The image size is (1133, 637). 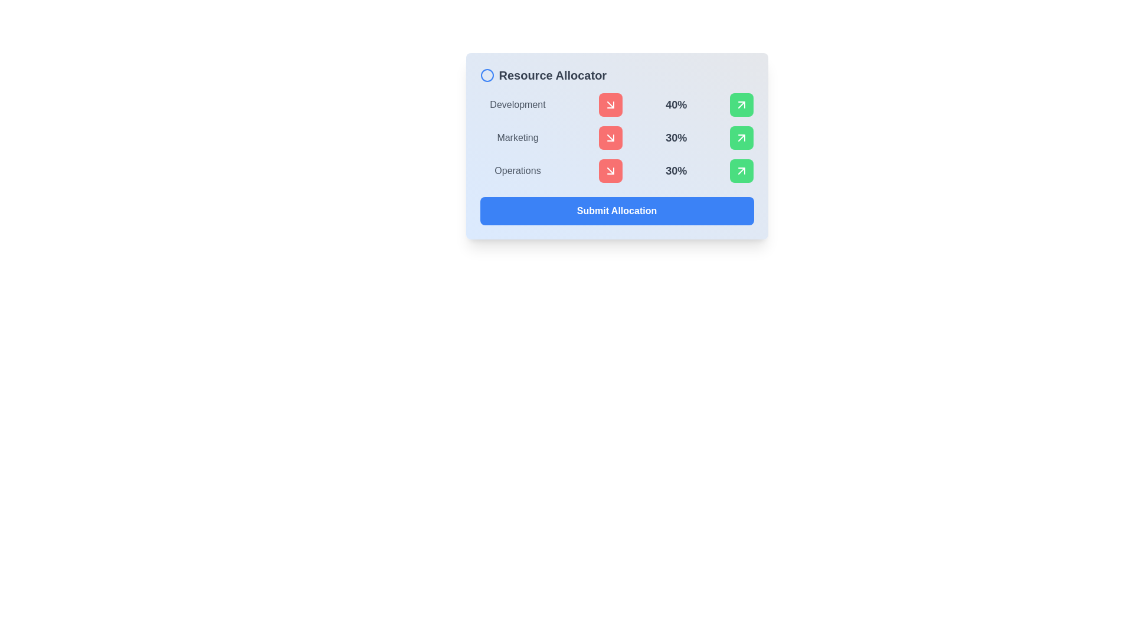 What do you see at coordinates (518, 104) in the screenshot?
I see `the static text label indicating the category 'Development', which is the first visible element in its row and serves as a title for the corresponding section` at bounding box center [518, 104].